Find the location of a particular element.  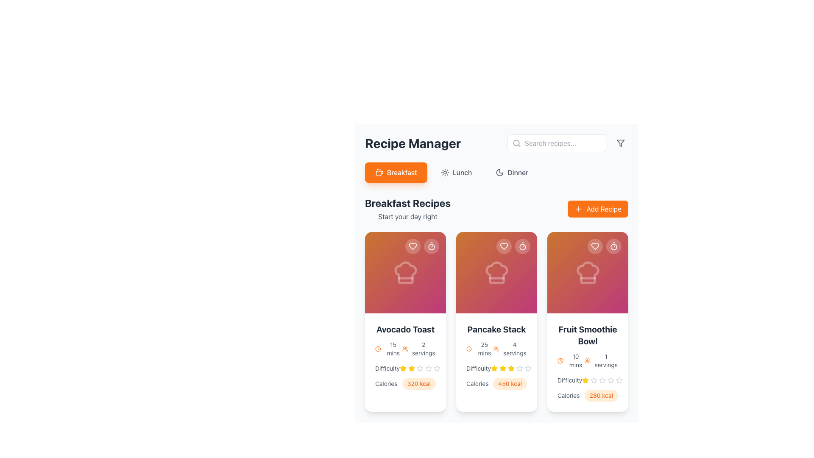

the text with icons displaying '10 mins' and '1 servings' within the 'Fruit Smoothie Bowl' card in the 'Breakfast Recipes' section is located at coordinates (587, 361).